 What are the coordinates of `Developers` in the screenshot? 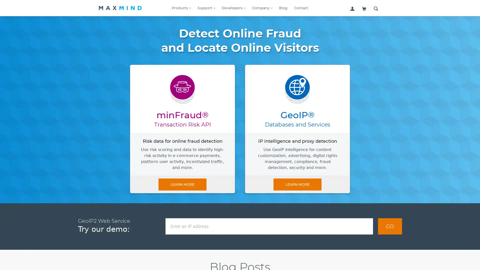 It's located at (233, 8).